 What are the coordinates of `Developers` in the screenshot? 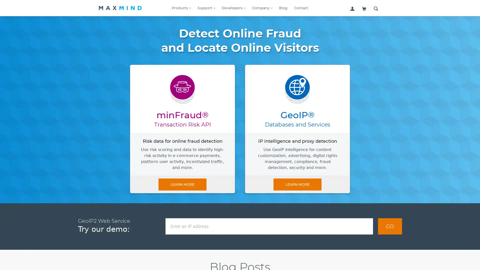 It's located at (233, 8).